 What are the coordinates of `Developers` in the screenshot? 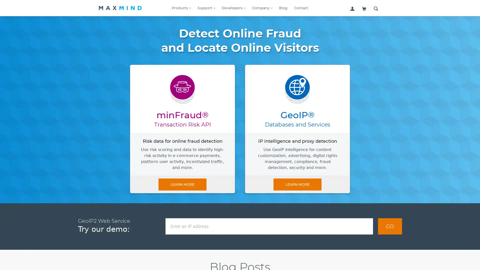 It's located at (233, 8).